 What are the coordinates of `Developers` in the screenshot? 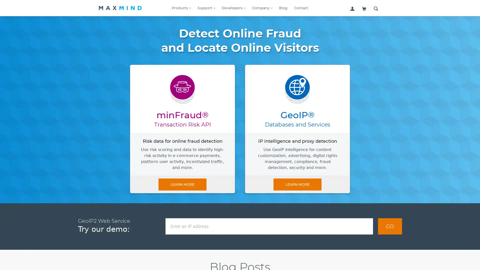 It's located at (233, 8).